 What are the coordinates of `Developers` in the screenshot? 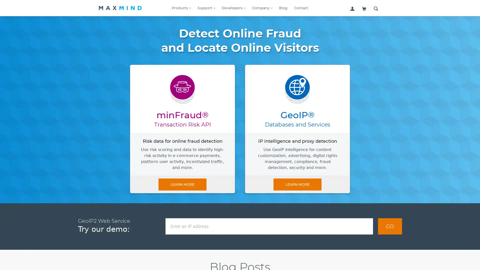 It's located at (233, 8).